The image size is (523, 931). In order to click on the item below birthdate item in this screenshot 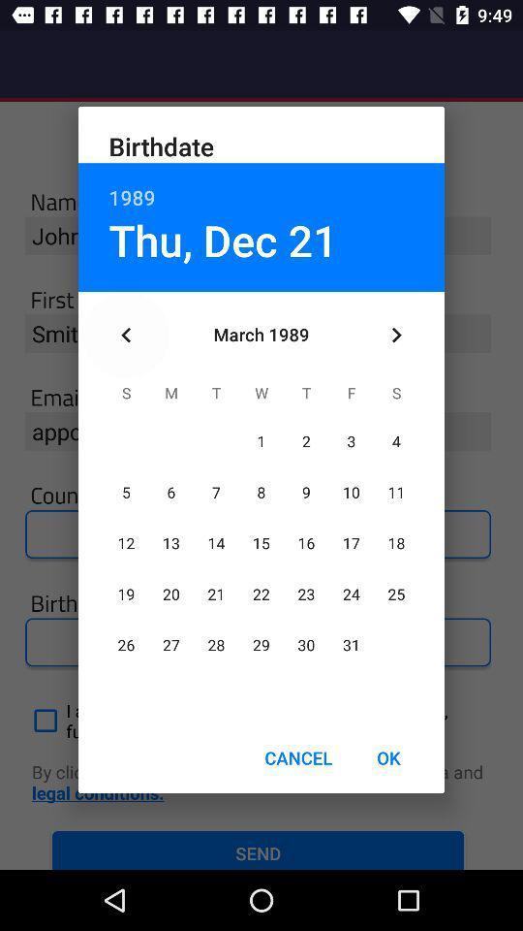, I will do `click(261, 187)`.